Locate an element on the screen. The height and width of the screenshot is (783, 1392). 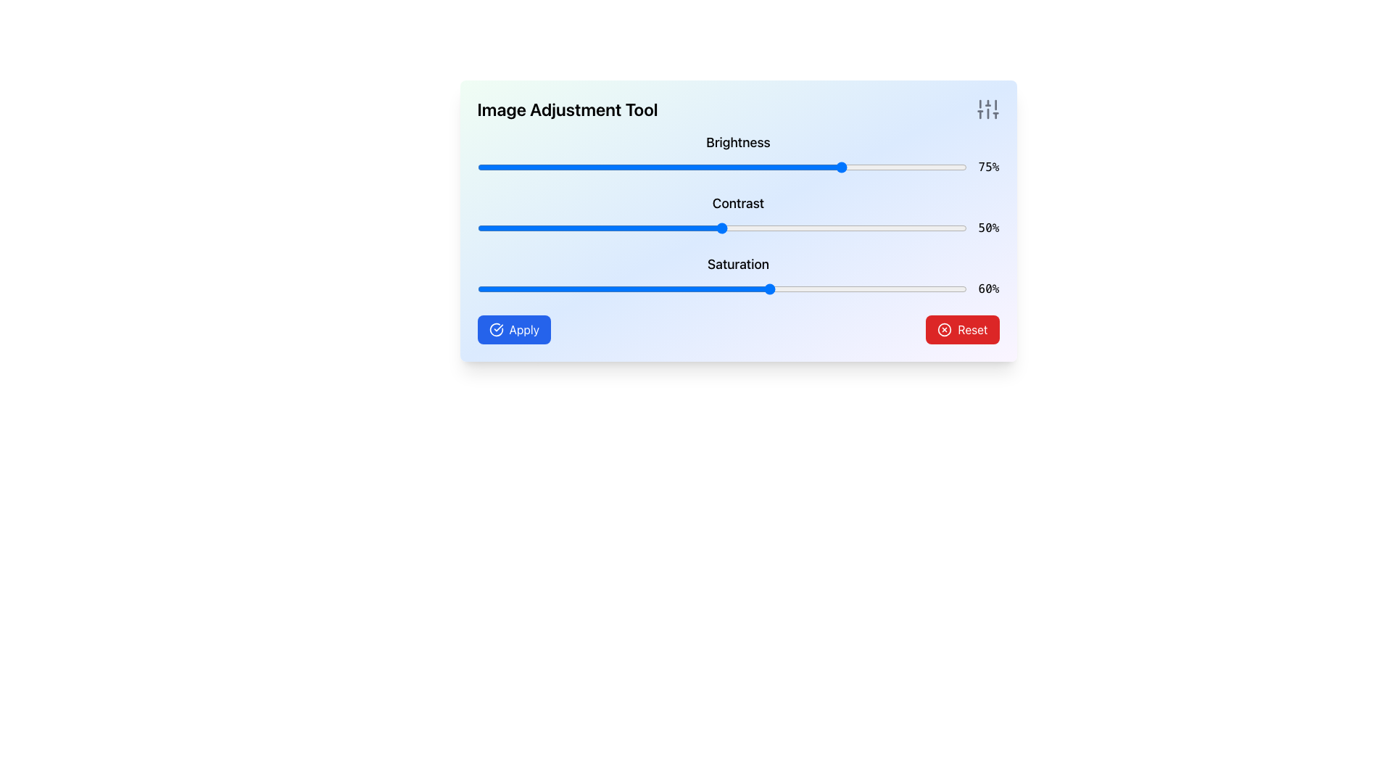
the decorative icon located on the left side of the 'Apply' button text within a blue rounded rectangle button in the bottom-left section of the interface is located at coordinates (496, 330).